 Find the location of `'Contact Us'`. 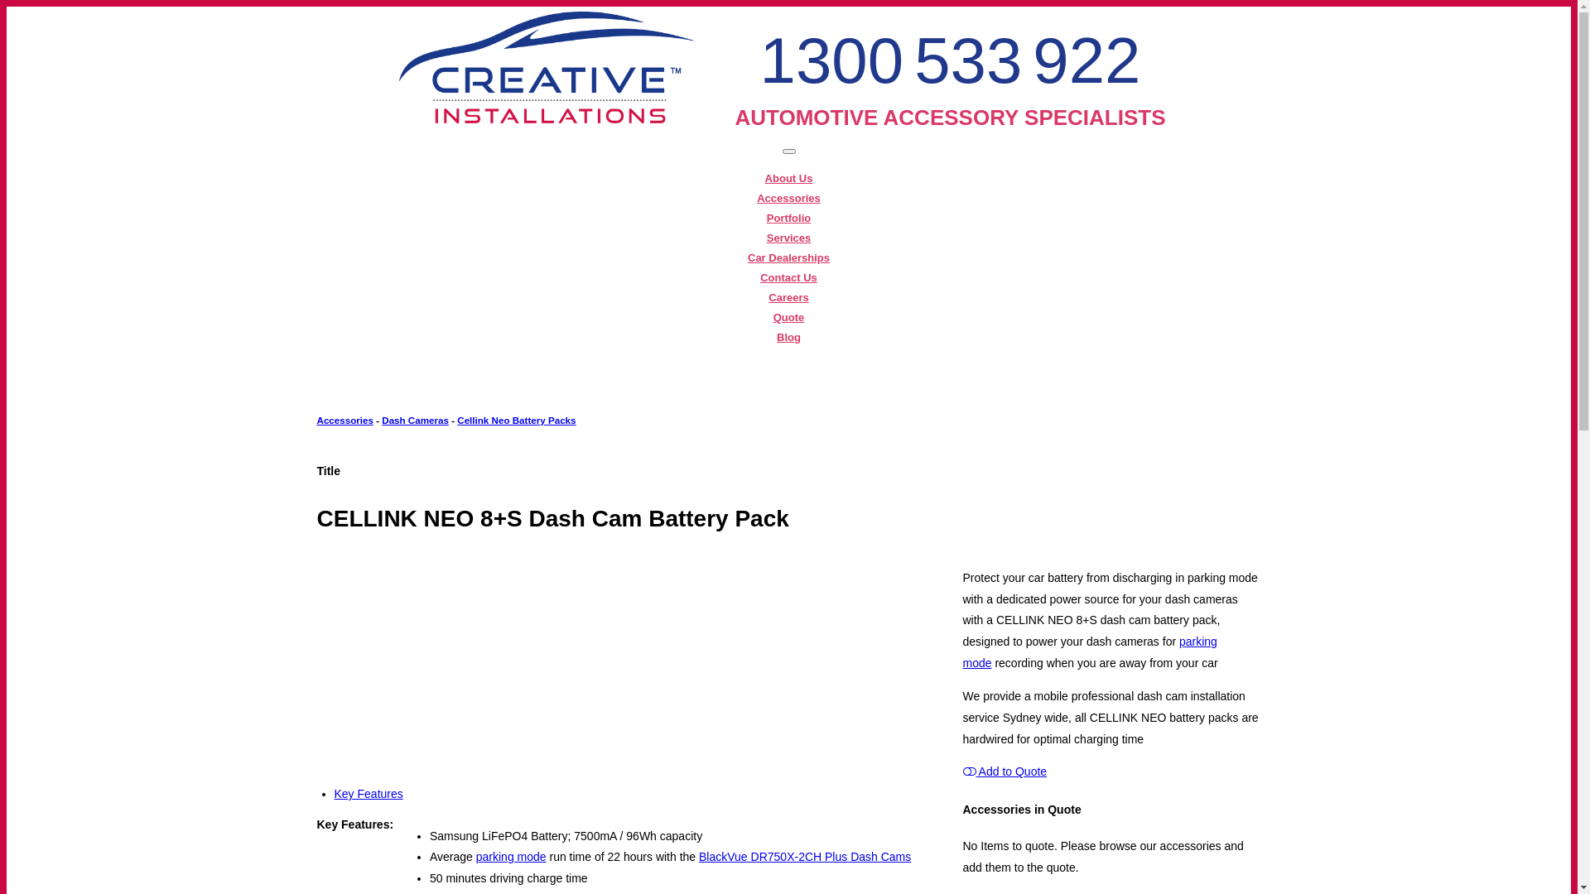

'Contact Us' is located at coordinates (749, 276).